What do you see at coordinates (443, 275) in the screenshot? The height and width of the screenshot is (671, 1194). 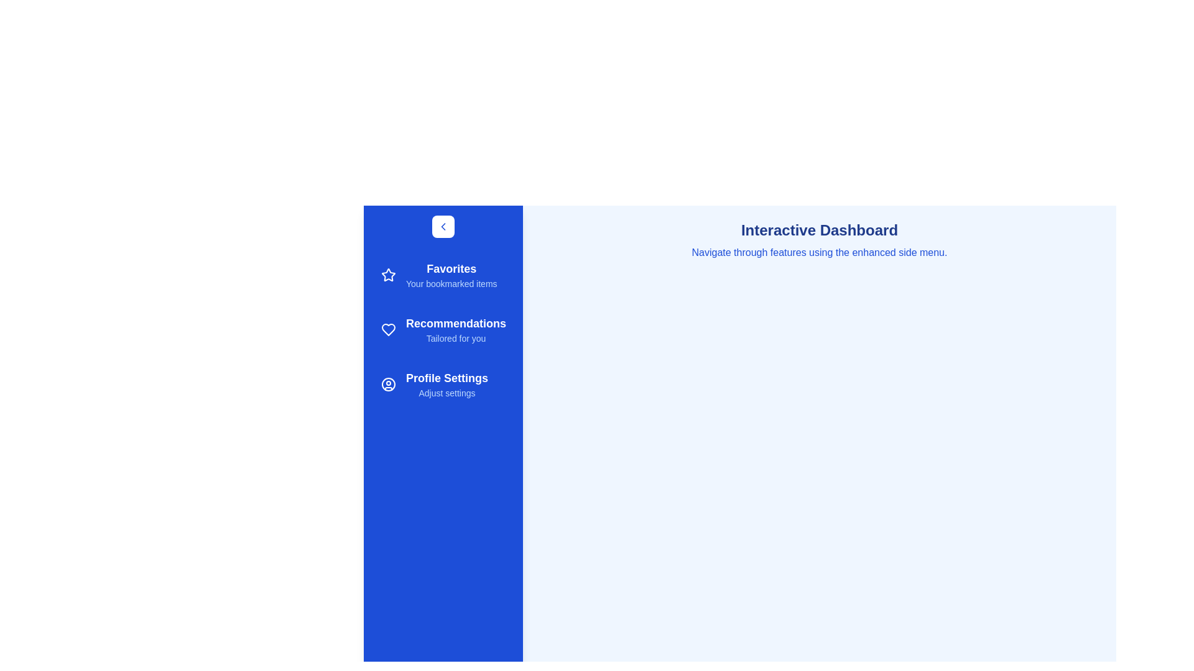 I see `the sidebar option Favorites` at bounding box center [443, 275].